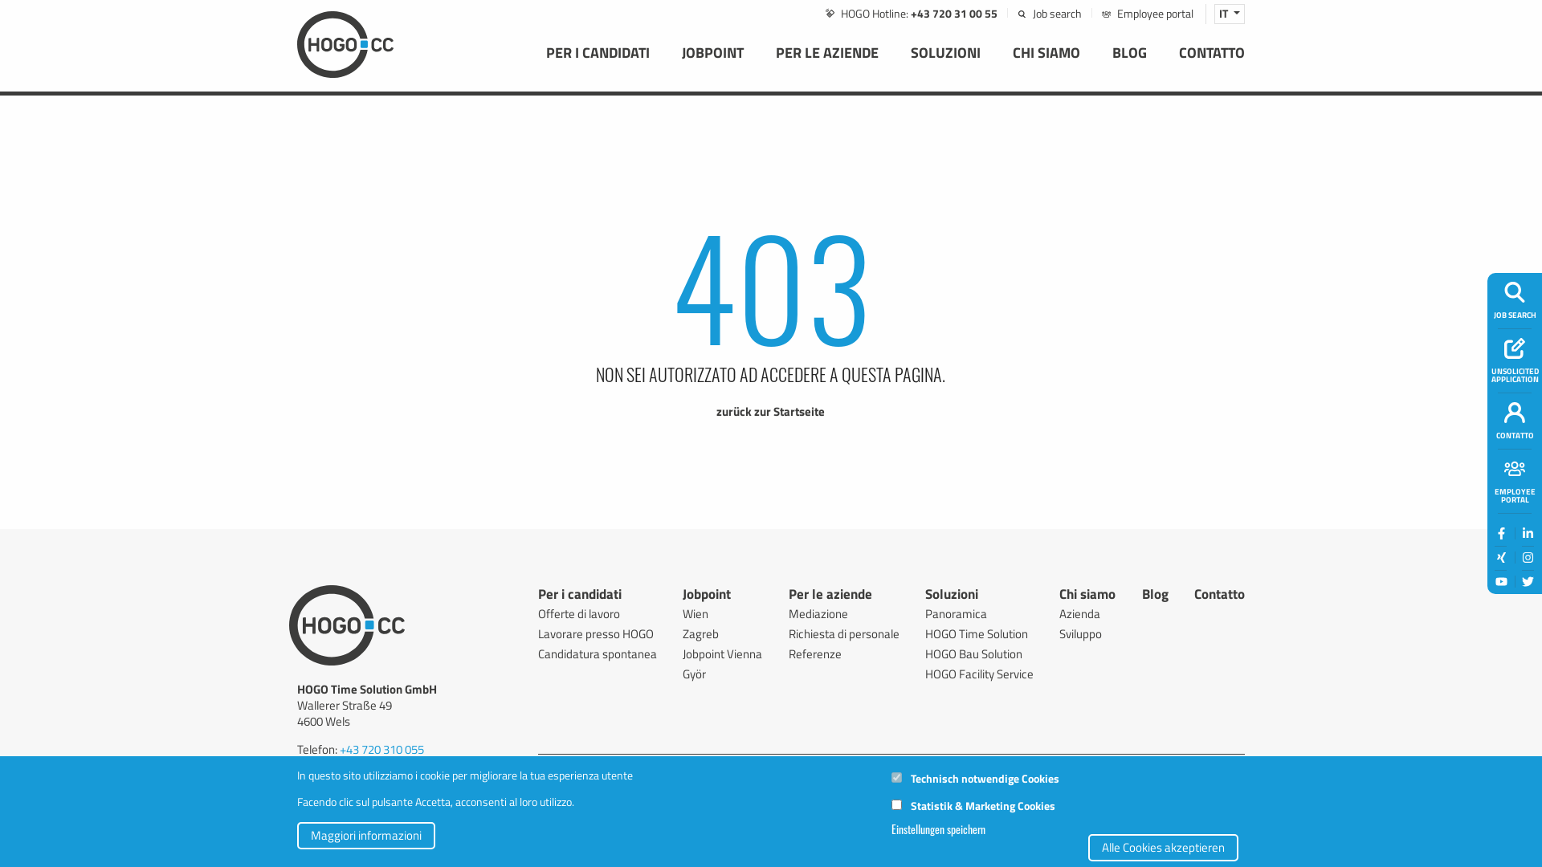 The image size is (1542, 867). What do you see at coordinates (597, 653) in the screenshot?
I see `'Candidatura spontanea'` at bounding box center [597, 653].